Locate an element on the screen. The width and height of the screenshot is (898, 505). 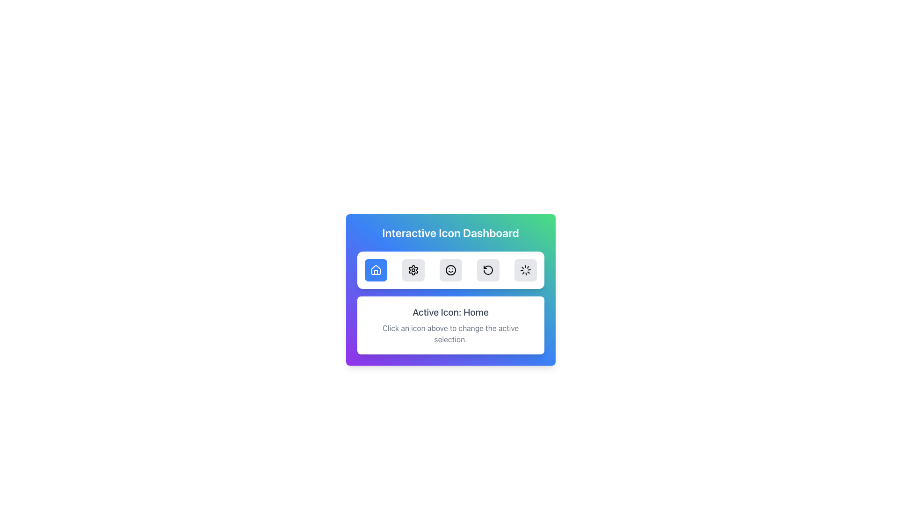
the third button in a row of five, which has a gray background and a circular black smiley face icon is located at coordinates (450, 270).